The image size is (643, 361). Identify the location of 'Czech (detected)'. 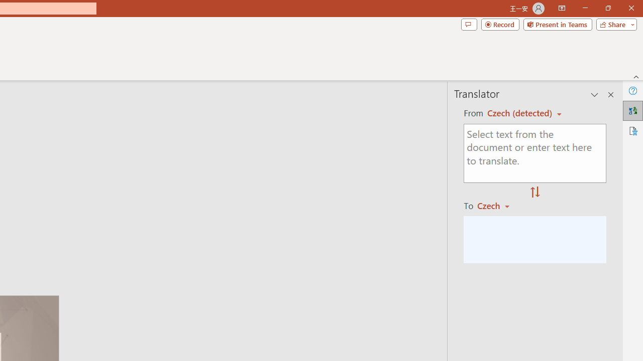
(521, 113).